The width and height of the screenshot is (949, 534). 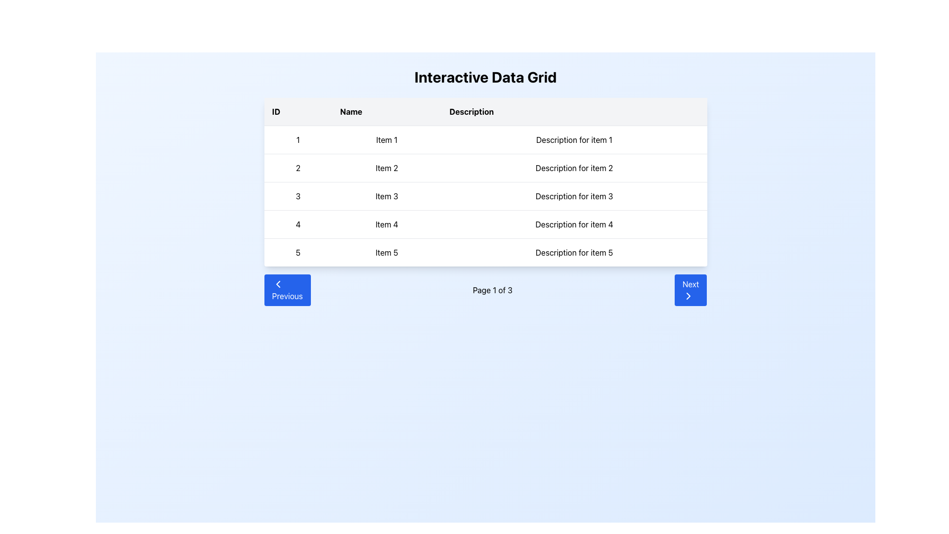 I want to click on the button labeled 'Next' containing the right-pointing chevron icon, so click(x=688, y=295).